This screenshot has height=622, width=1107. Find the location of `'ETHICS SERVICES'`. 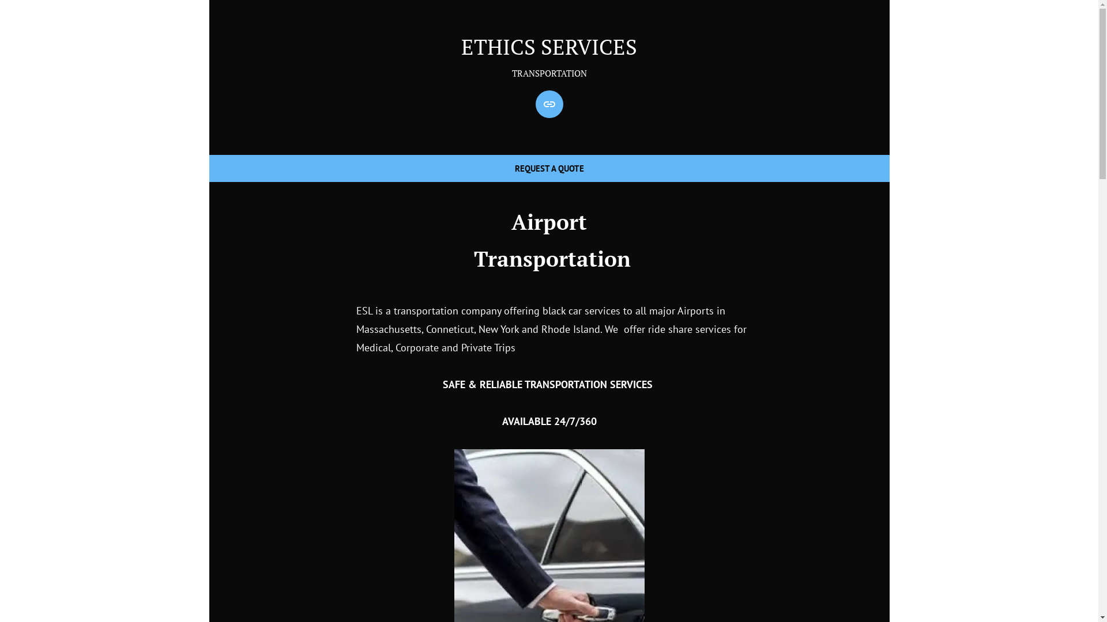

'ETHICS SERVICES' is located at coordinates (548, 46).